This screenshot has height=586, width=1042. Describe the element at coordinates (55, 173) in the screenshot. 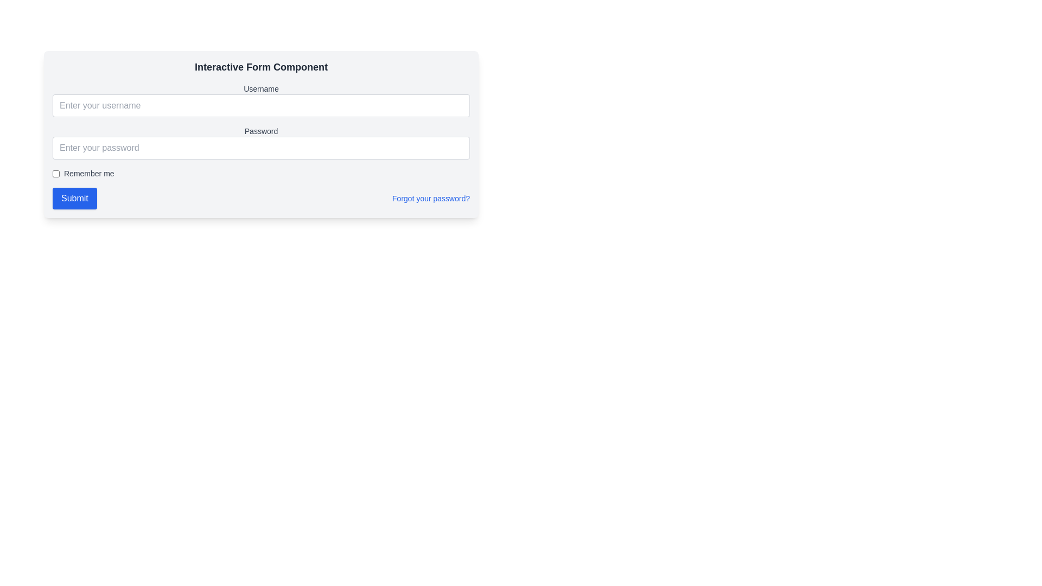

I see `the 'Remember me' checkbox located to the left of the 'Remember me' text` at that location.